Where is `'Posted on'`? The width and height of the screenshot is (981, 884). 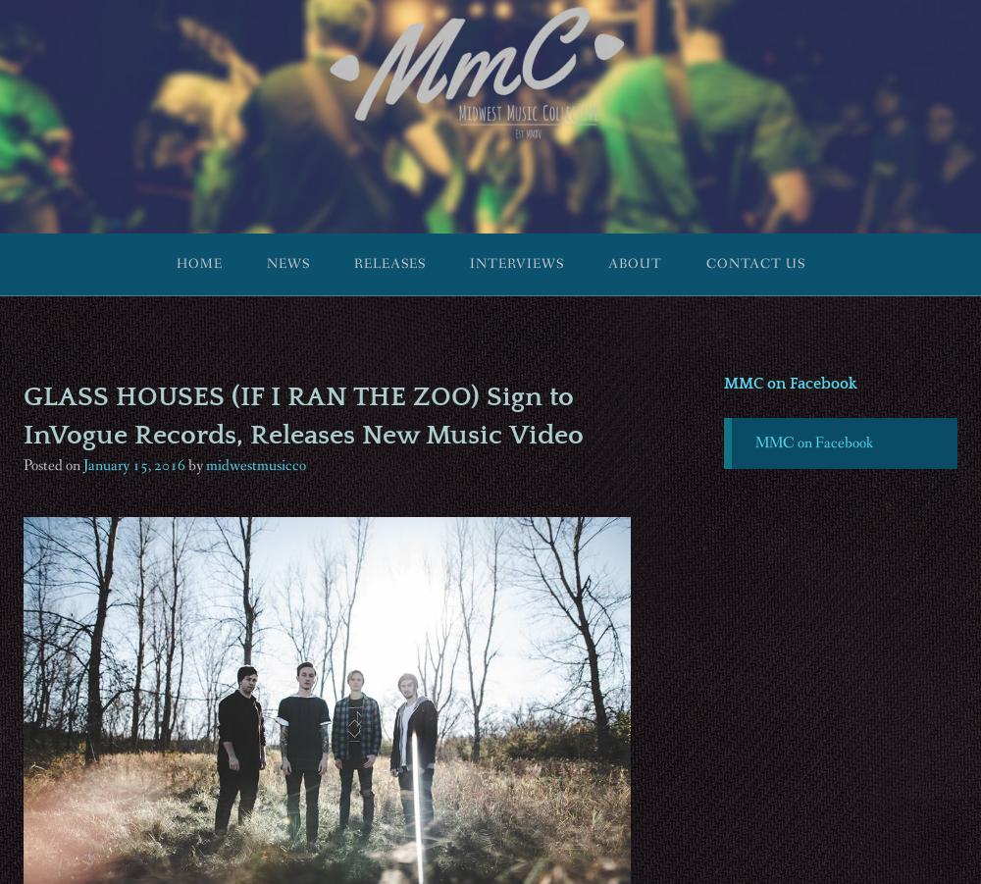 'Posted on' is located at coordinates (53, 464).